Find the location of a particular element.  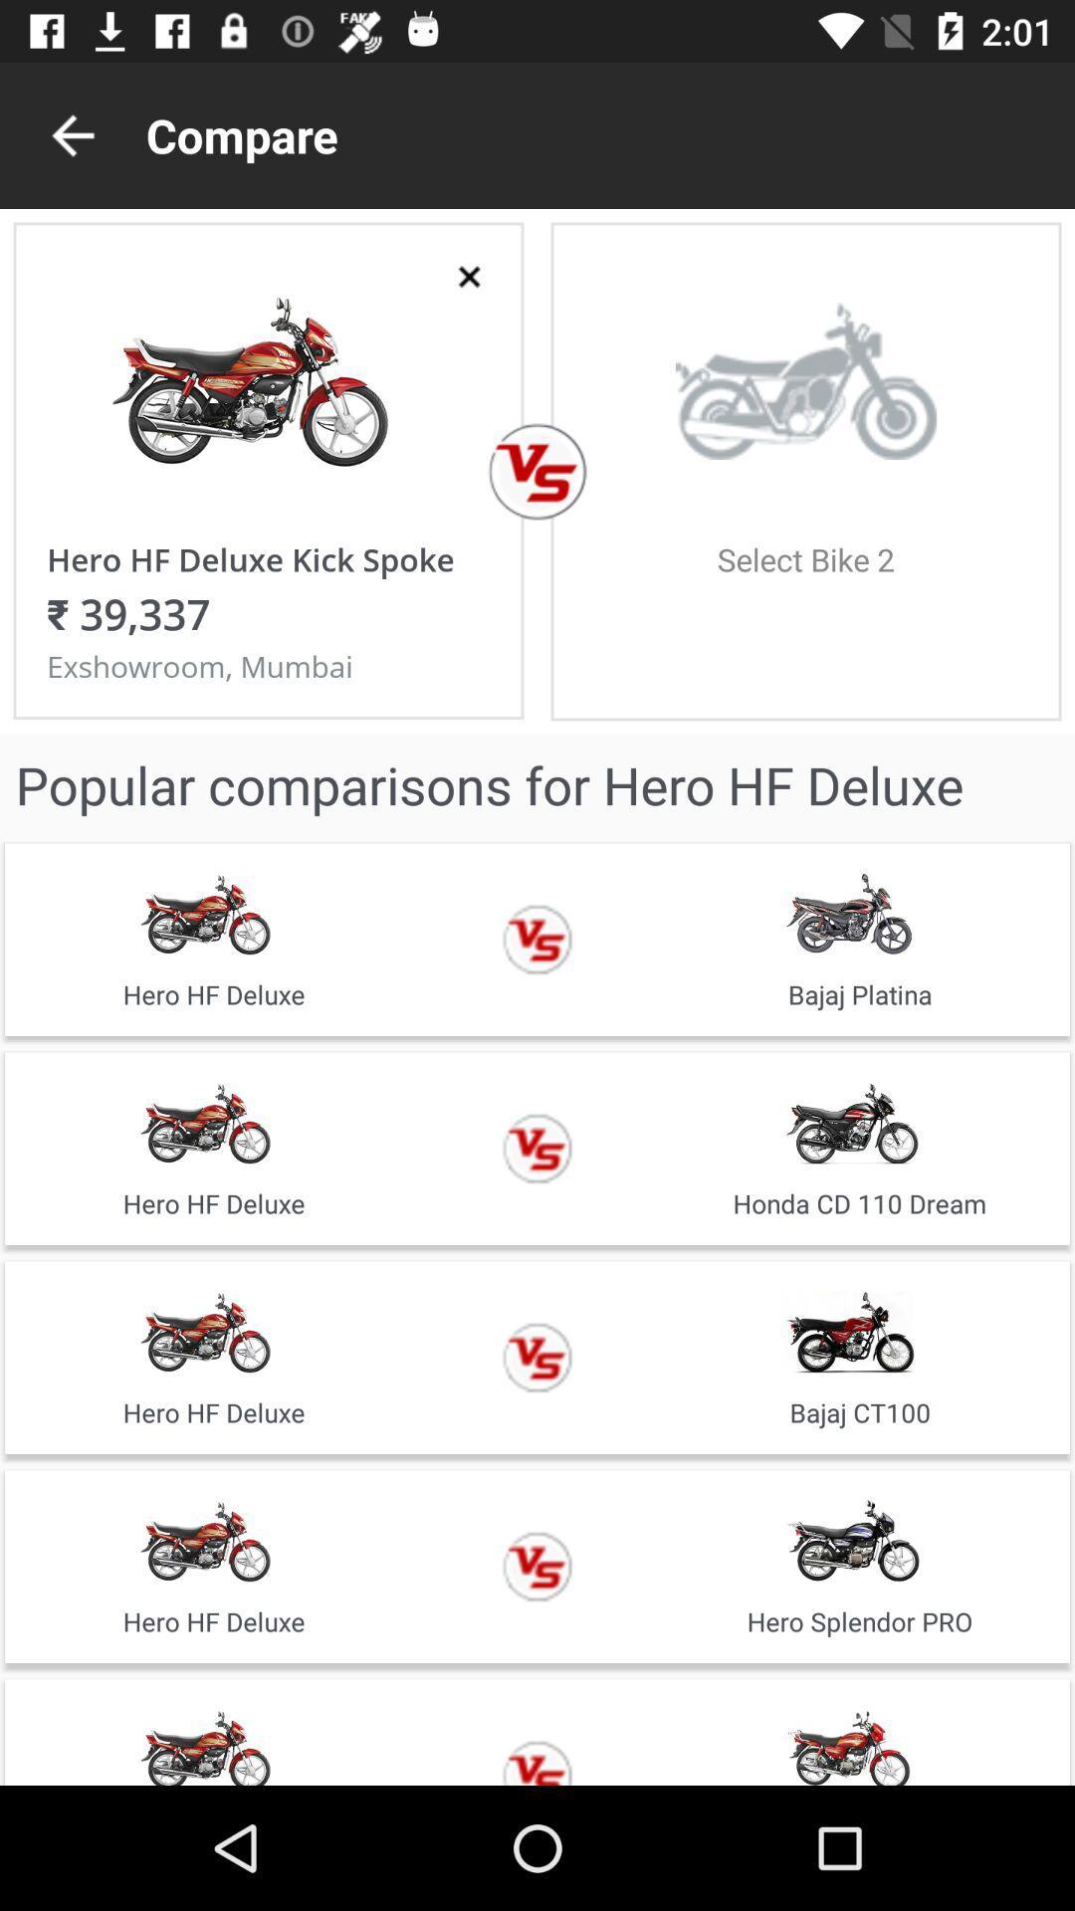

the close icon is located at coordinates (469, 276).